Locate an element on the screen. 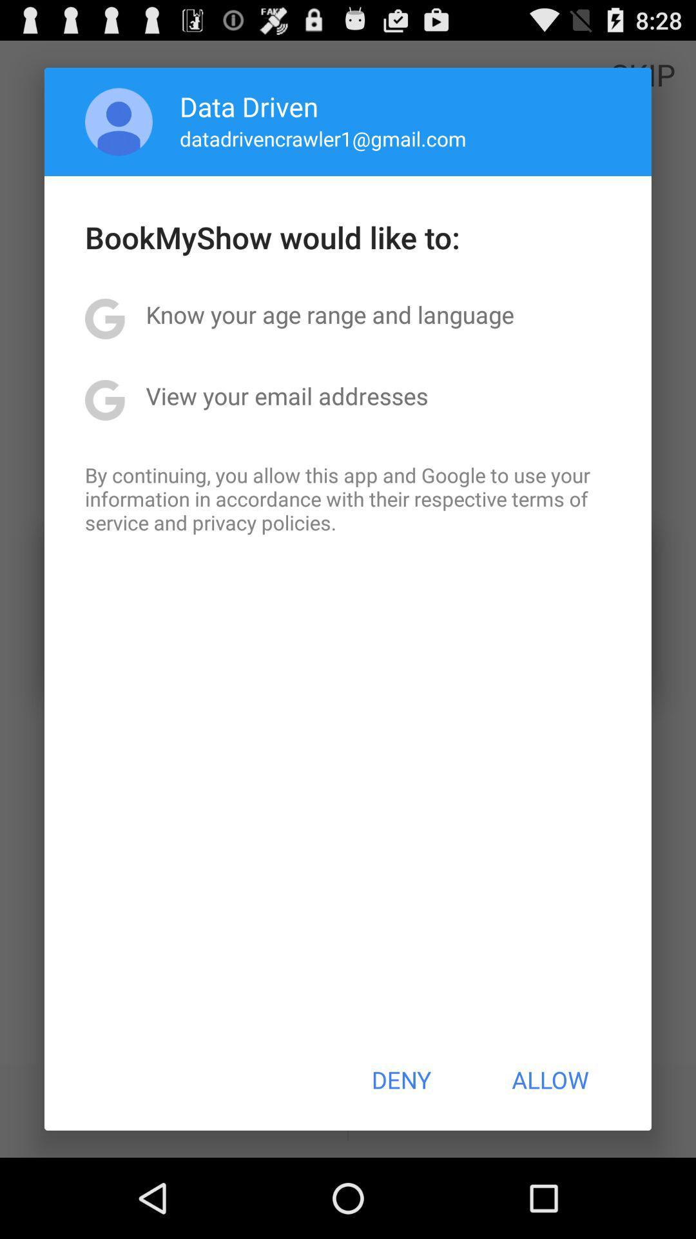 This screenshot has height=1239, width=696. icon to the left of the data driven icon is located at coordinates (119, 121).